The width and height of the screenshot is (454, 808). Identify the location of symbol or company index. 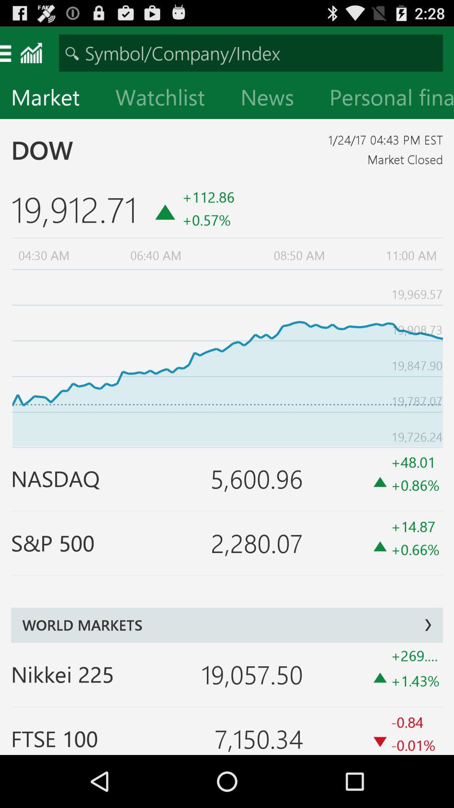
(251, 52).